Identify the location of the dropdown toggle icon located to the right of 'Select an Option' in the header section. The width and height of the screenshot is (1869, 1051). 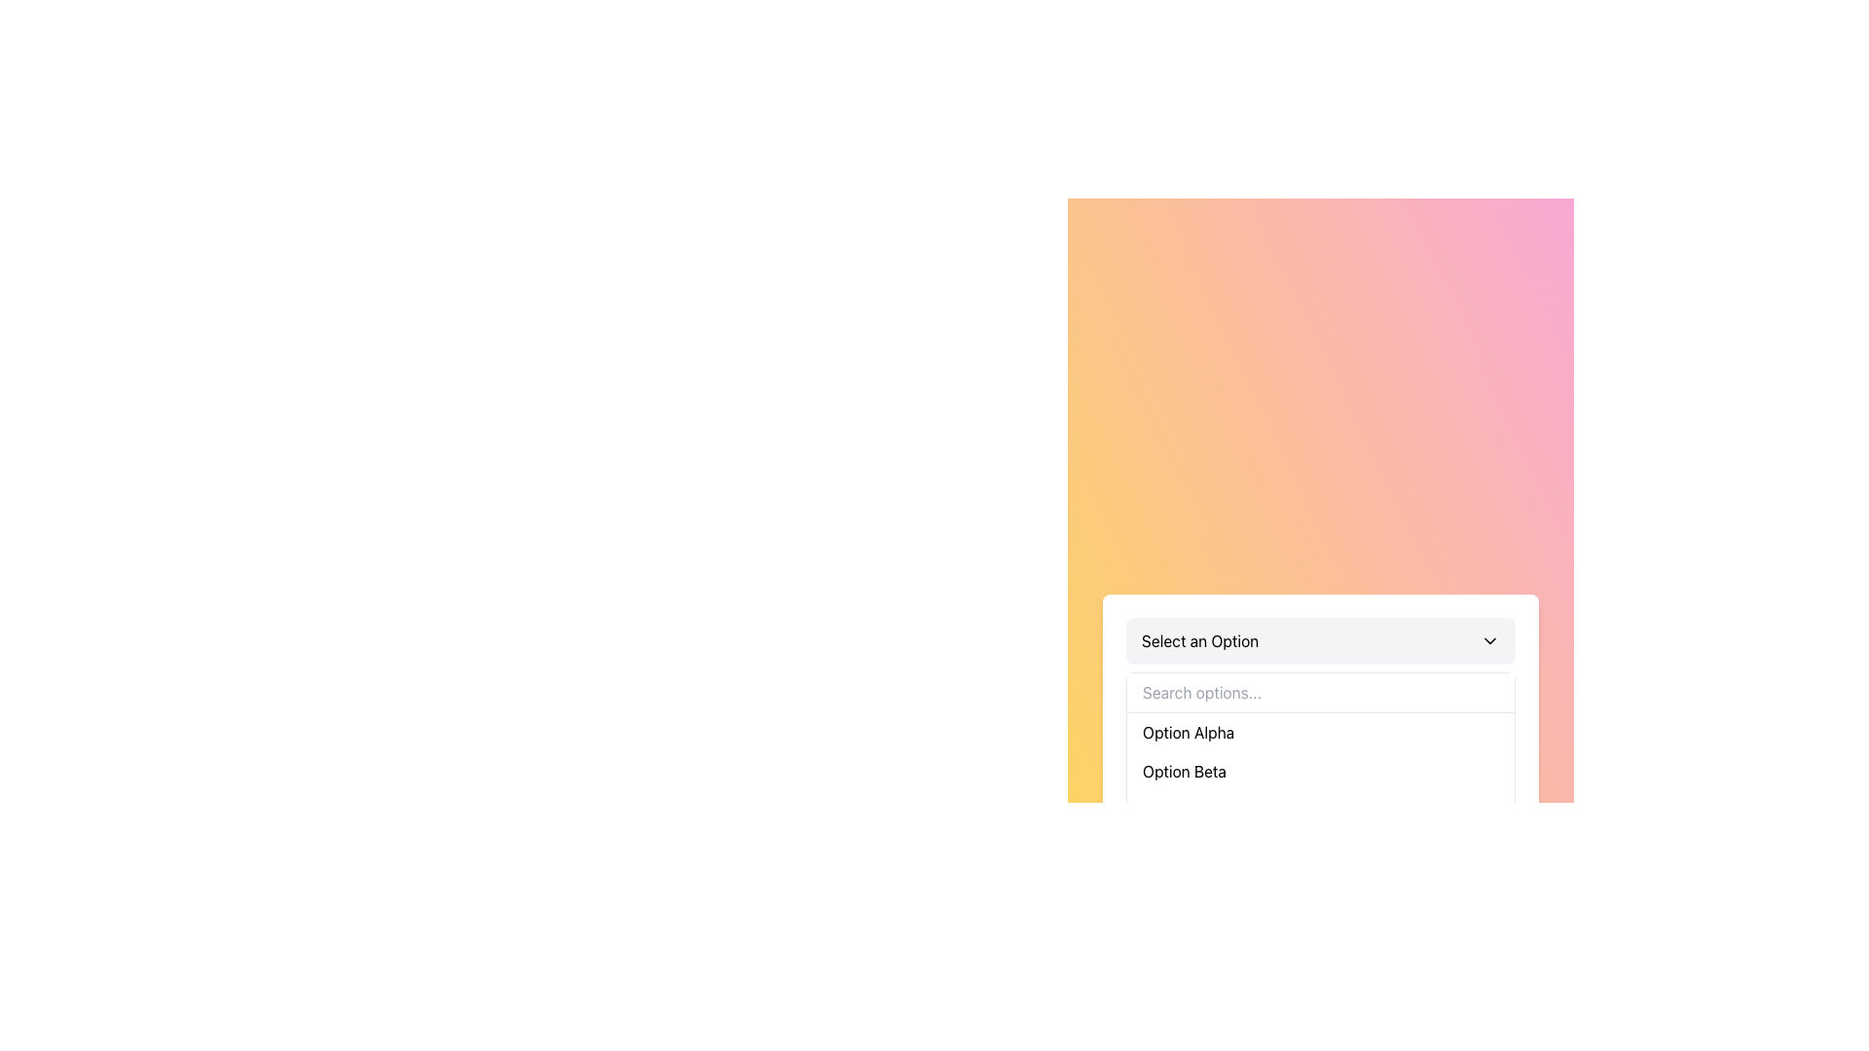
(1489, 640).